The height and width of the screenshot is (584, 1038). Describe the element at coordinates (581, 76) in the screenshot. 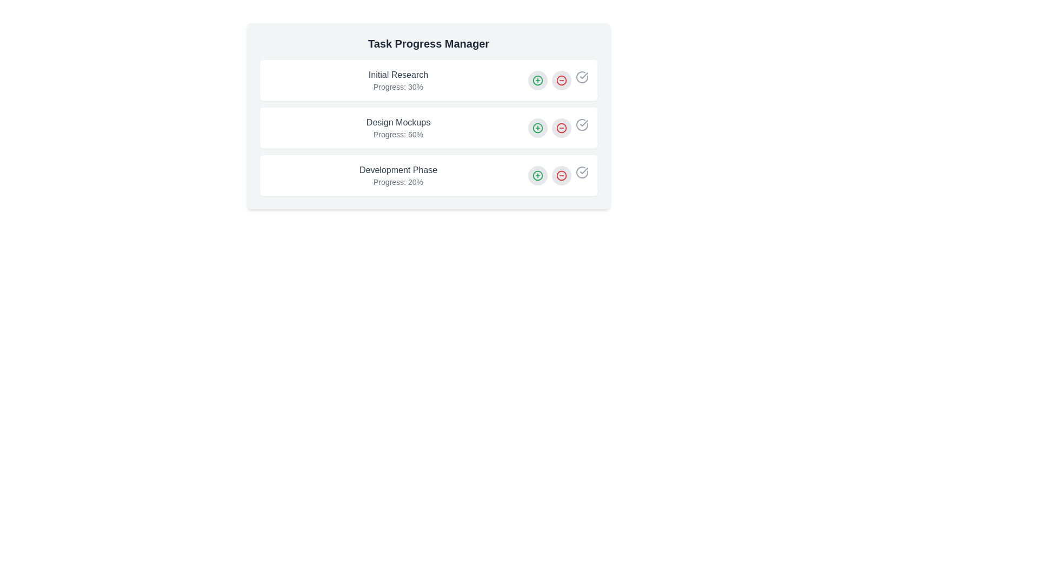

I see `the confirmation icon for the task 'Initial Research', which is located on the far right within a horizontal row of action icons` at that location.